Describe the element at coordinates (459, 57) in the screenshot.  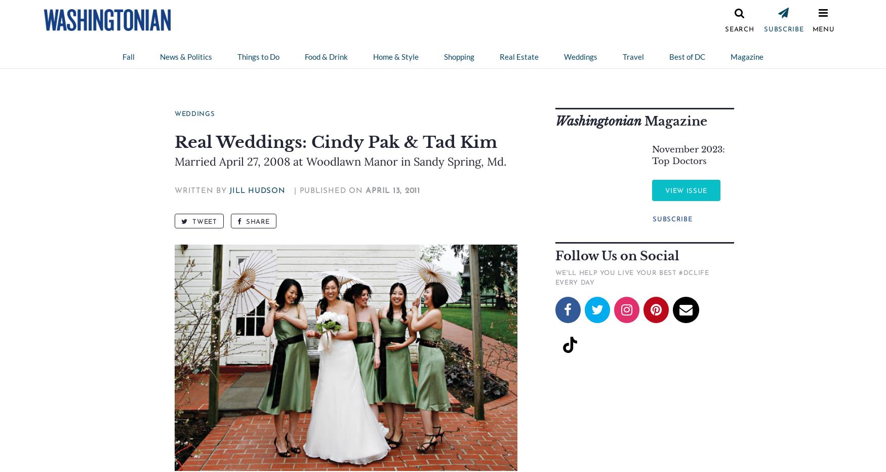
I see `'Shopping'` at that location.